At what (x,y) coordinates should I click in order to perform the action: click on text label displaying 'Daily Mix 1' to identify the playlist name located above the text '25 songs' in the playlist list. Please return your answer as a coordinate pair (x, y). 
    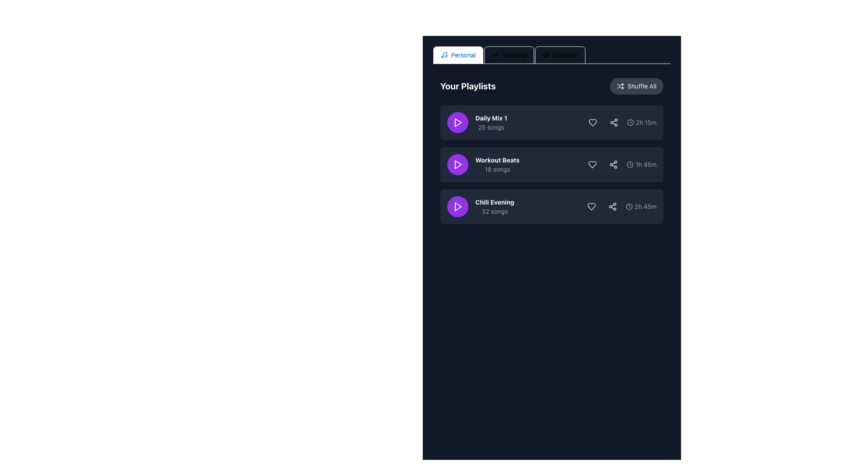
    Looking at the image, I should click on (491, 118).